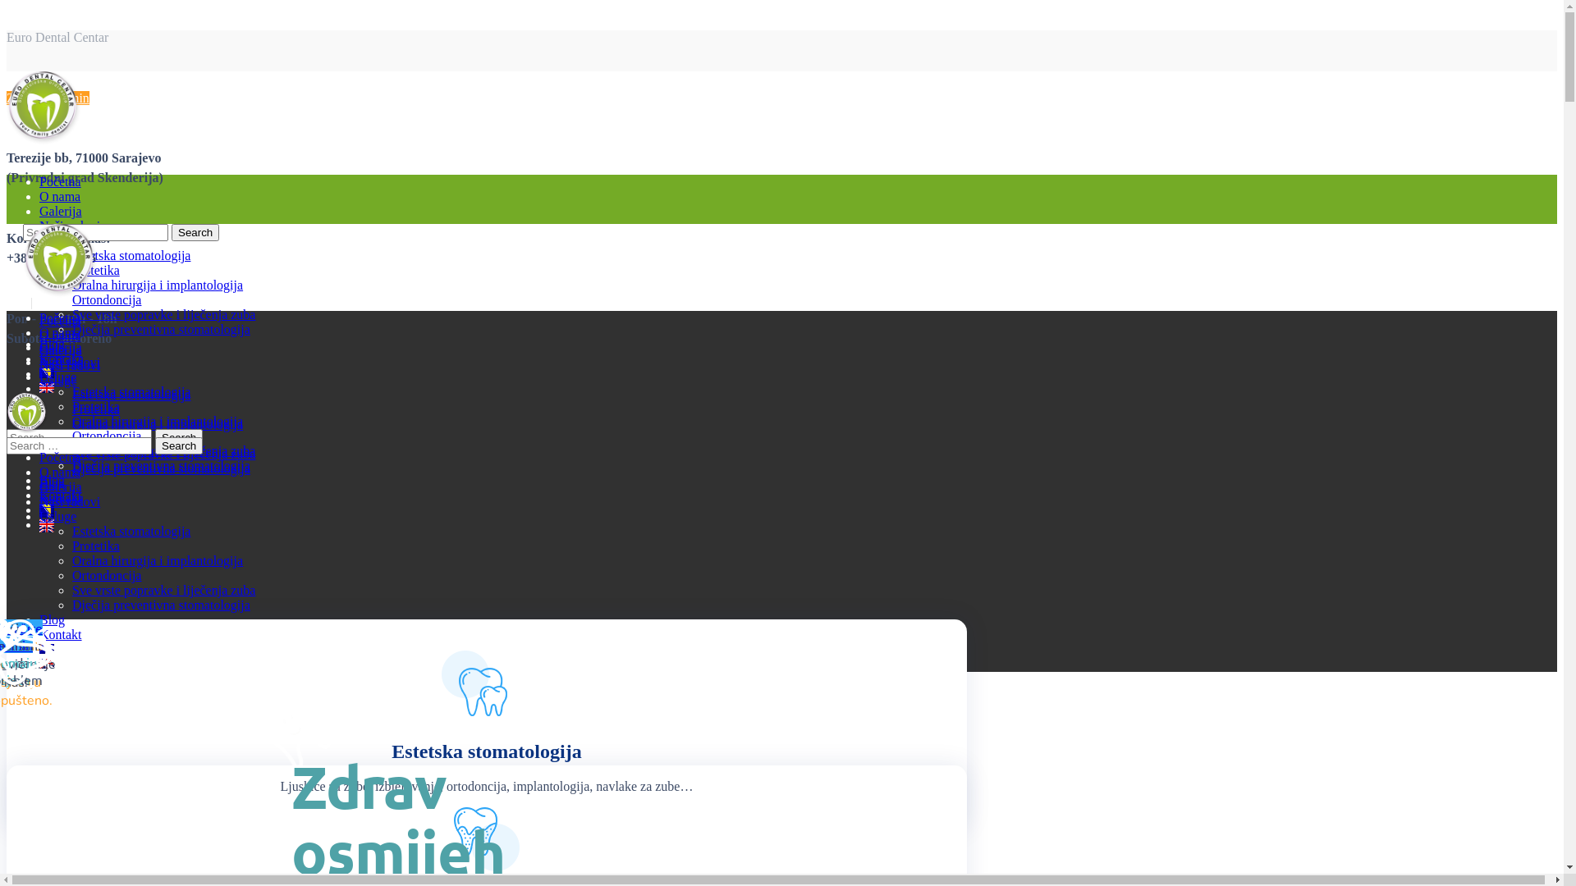 This screenshot has height=886, width=1576. Describe the element at coordinates (52, 619) in the screenshot. I see `'Blog'` at that location.